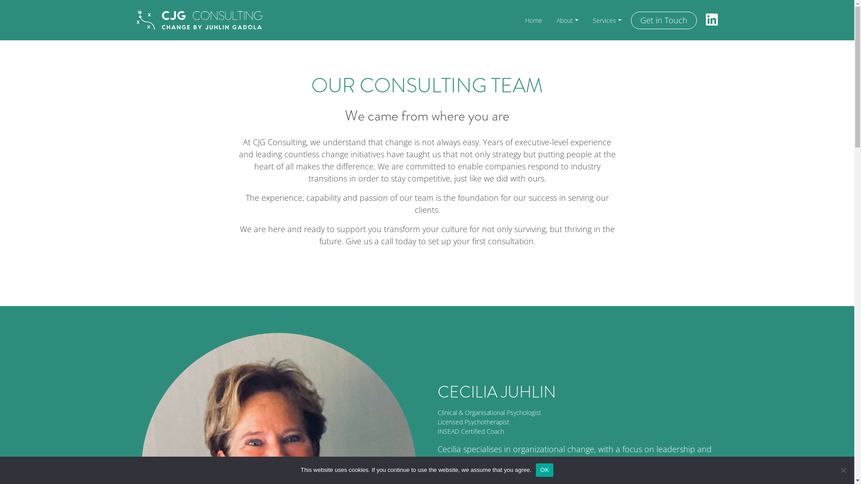 Image resolution: width=861 pixels, height=484 pixels. I want to click on 'Nein', so click(843, 470).